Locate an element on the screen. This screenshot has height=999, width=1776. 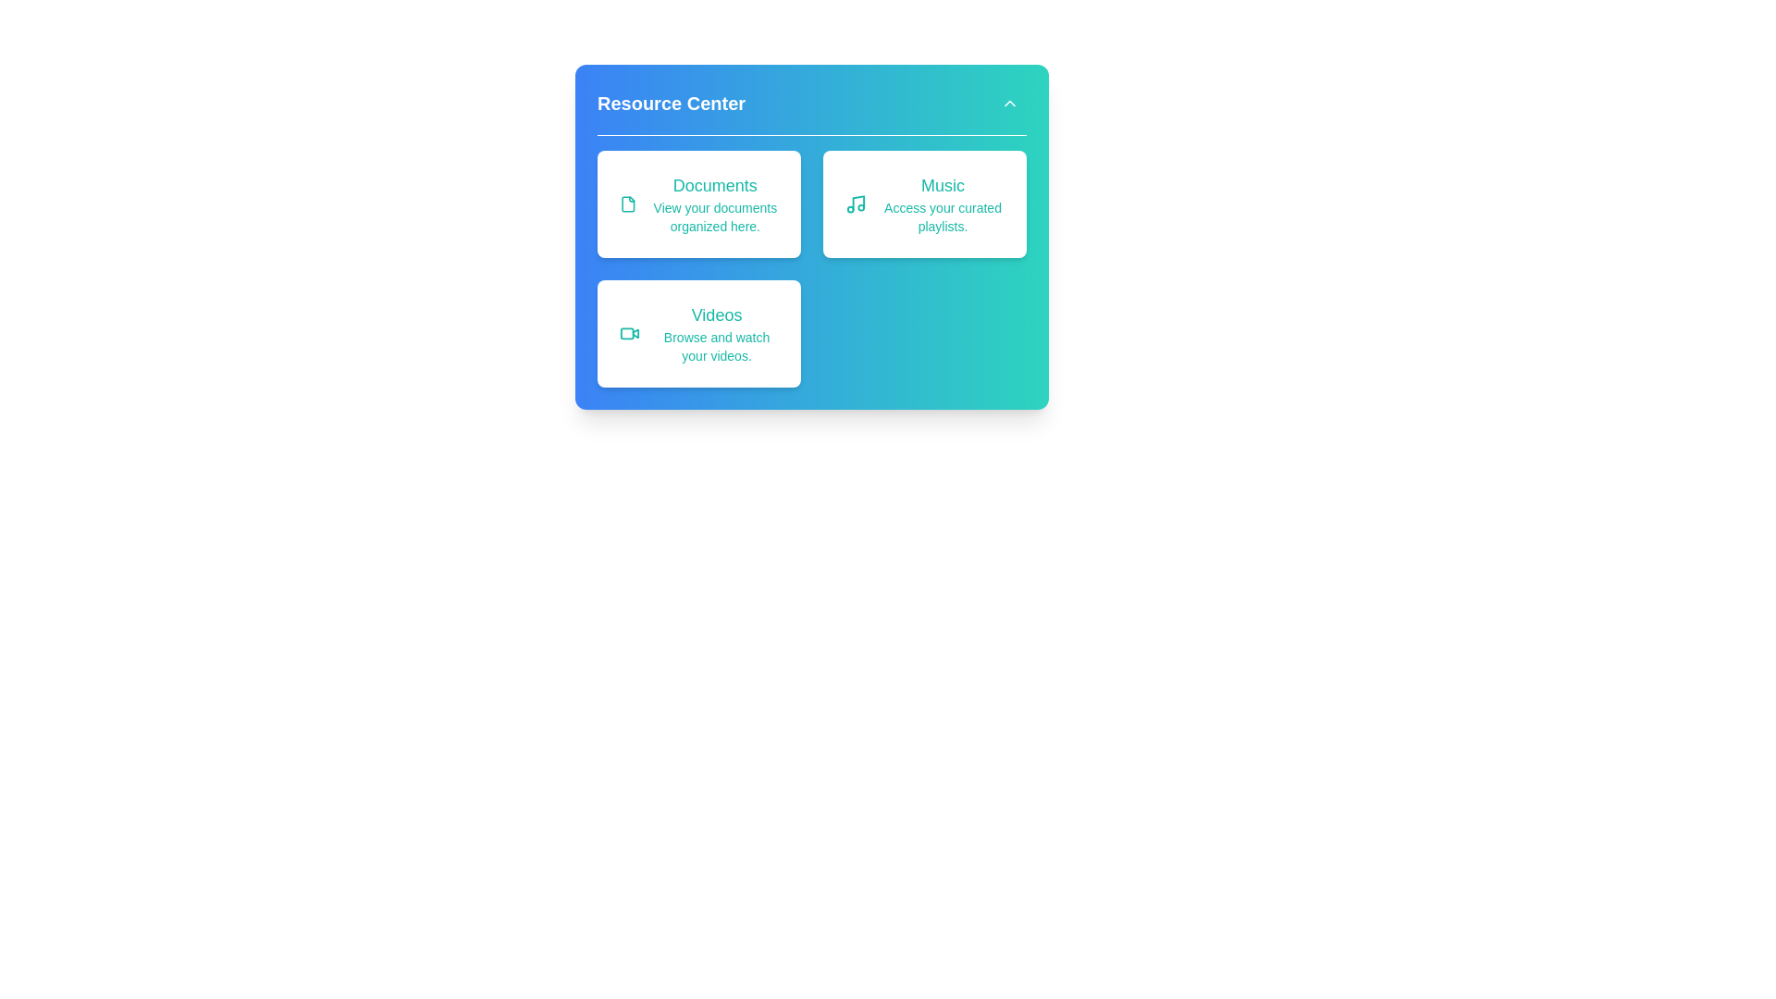
the menu item Videos to view its details is located at coordinates (697, 334).